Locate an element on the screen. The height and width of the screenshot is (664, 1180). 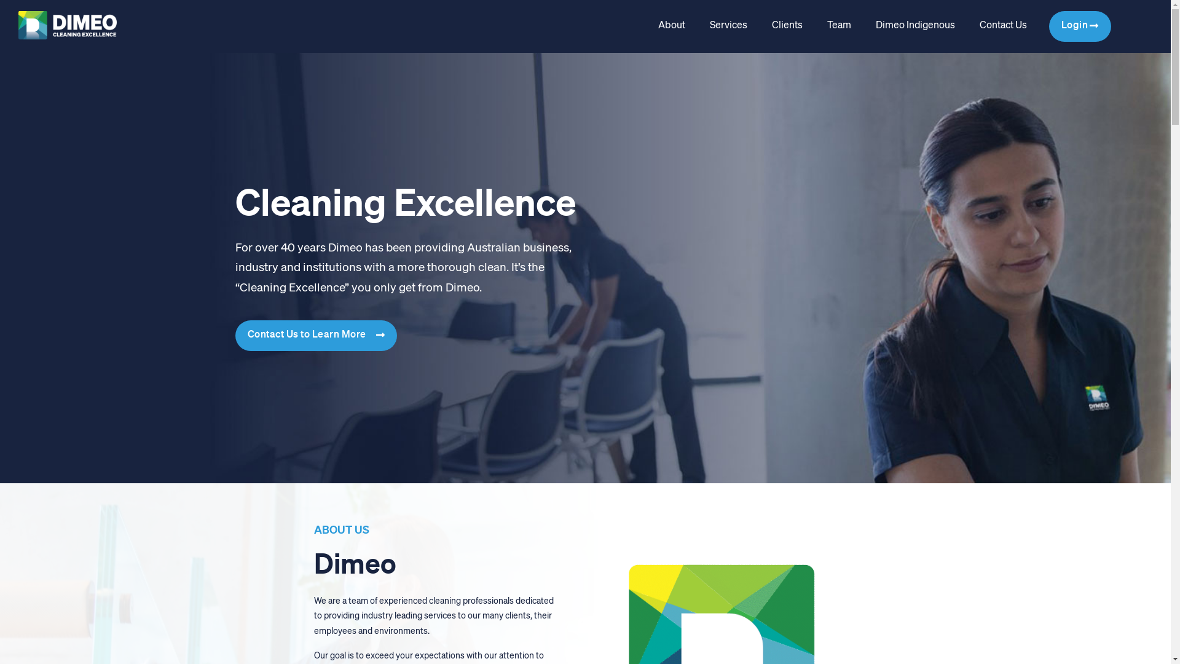
'Login' is located at coordinates (1079, 26).